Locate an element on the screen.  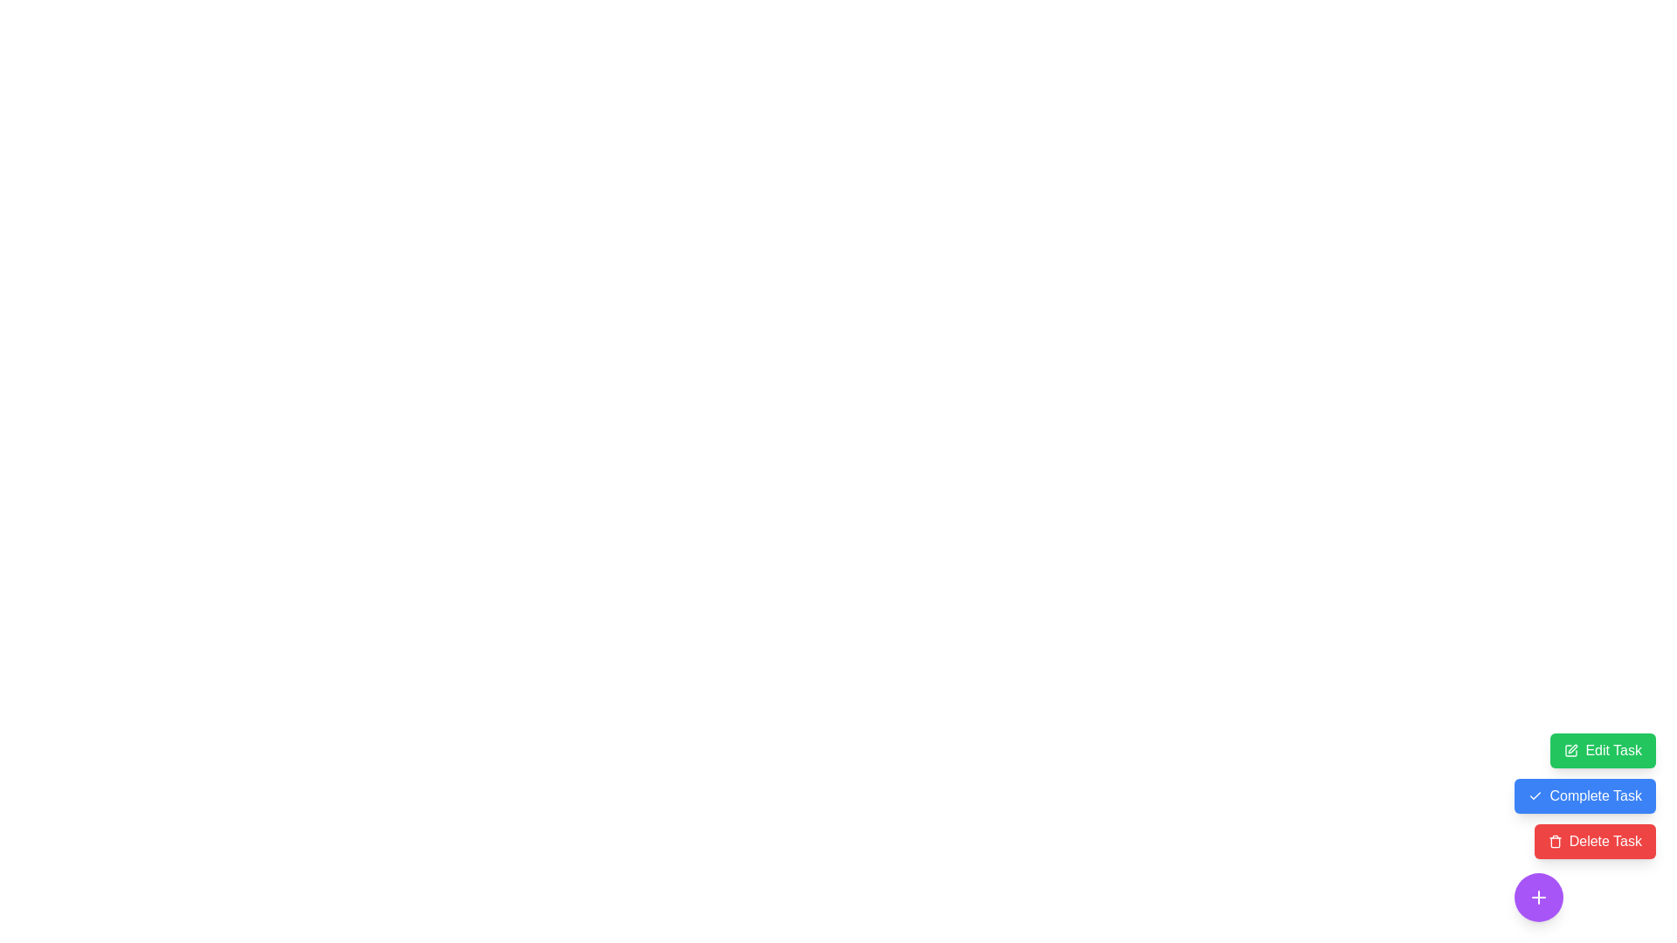
the 'Complete Task' button with a blue background and white text to mark the task as completed is located at coordinates (1585, 795).